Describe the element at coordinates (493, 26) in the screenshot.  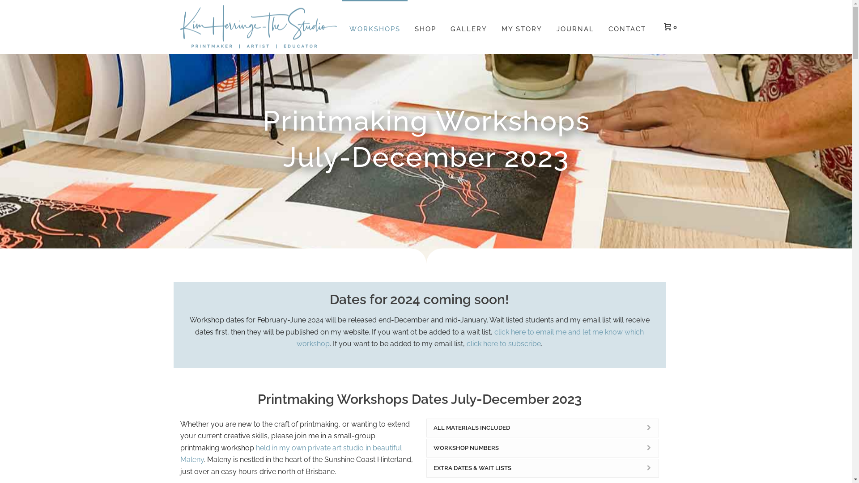
I see `'MY STORY'` at that location.